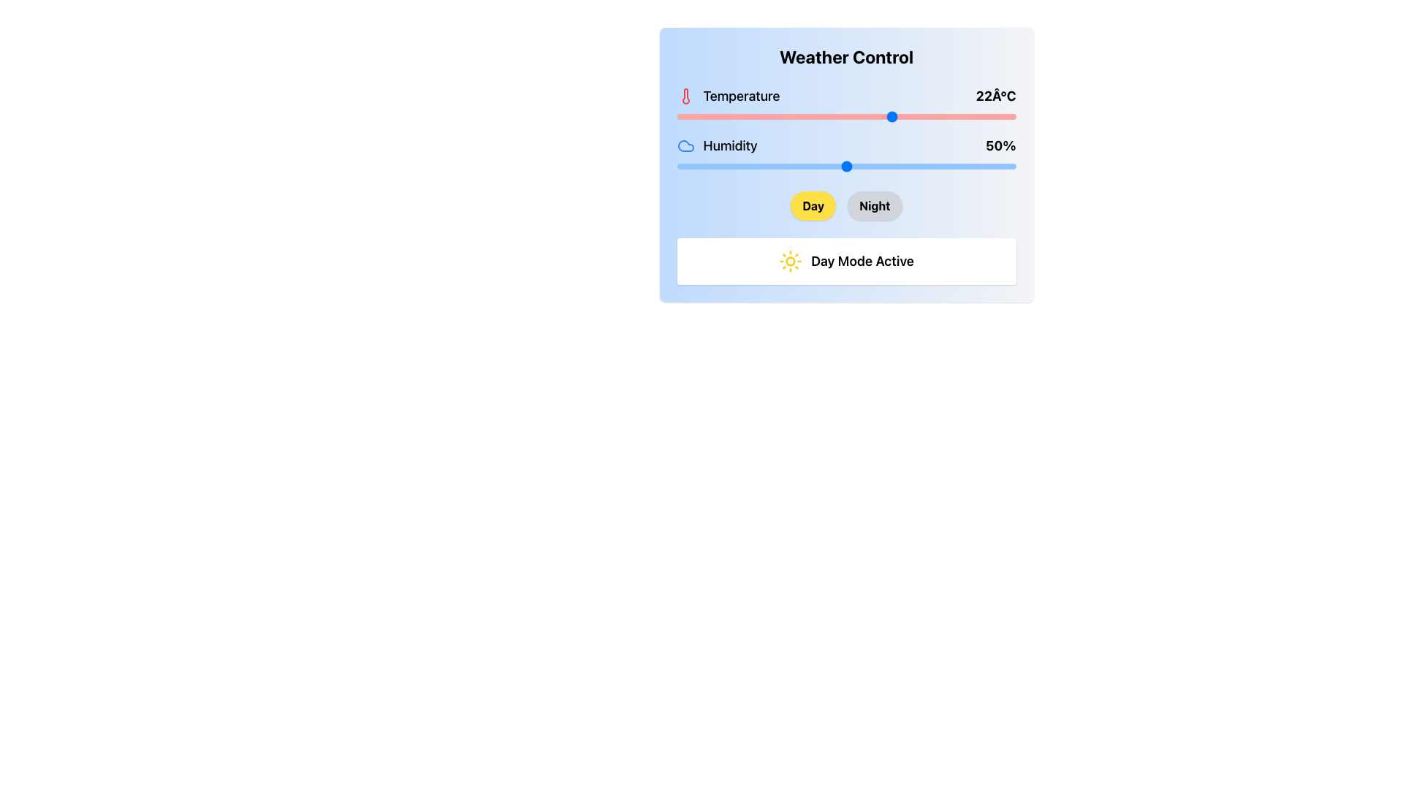  Describe the element at coordinates (900, 165) in the screenshot. I see `the humidity level` at that location.